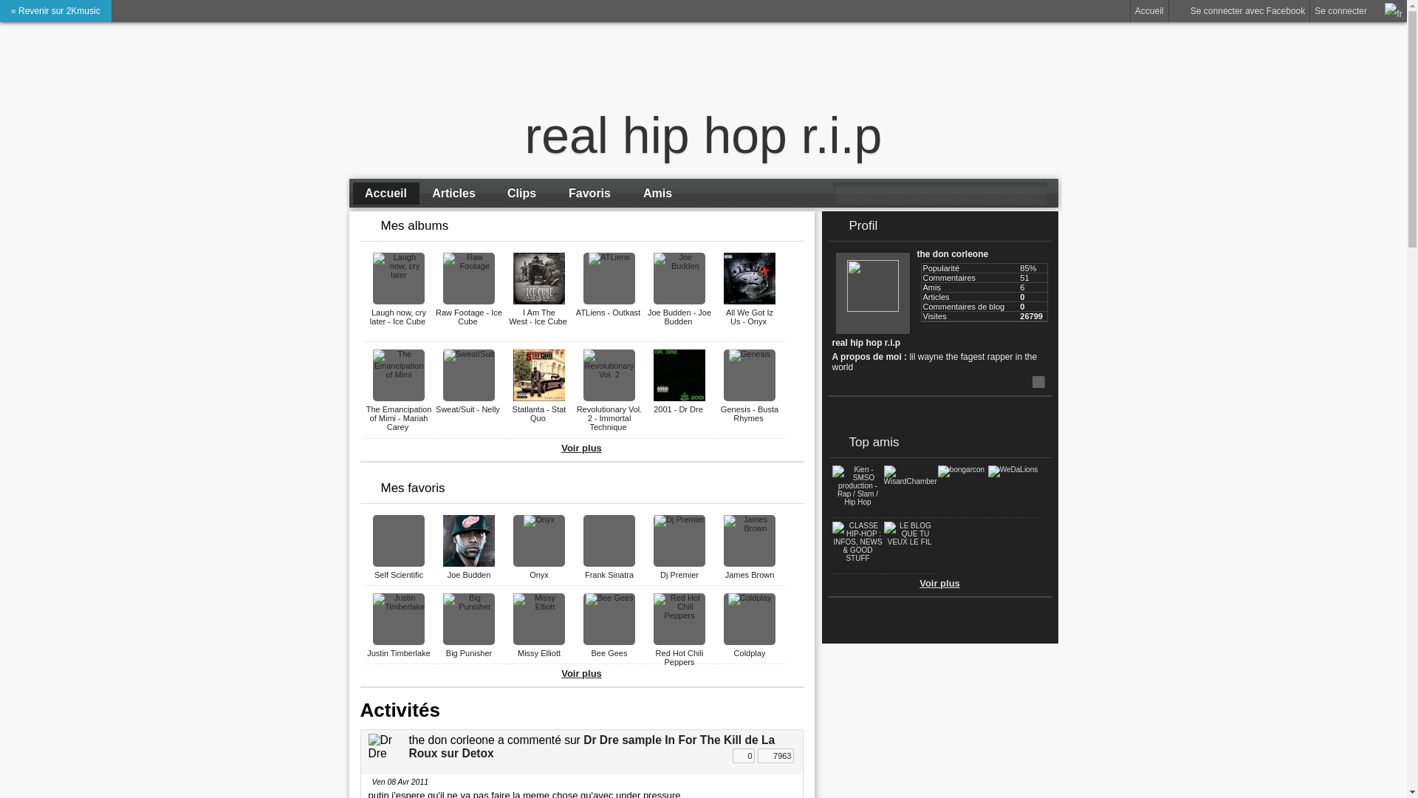 This screenshot has height=798, width=1418. I want to click on 'Self Scientific', so click(398, 574).